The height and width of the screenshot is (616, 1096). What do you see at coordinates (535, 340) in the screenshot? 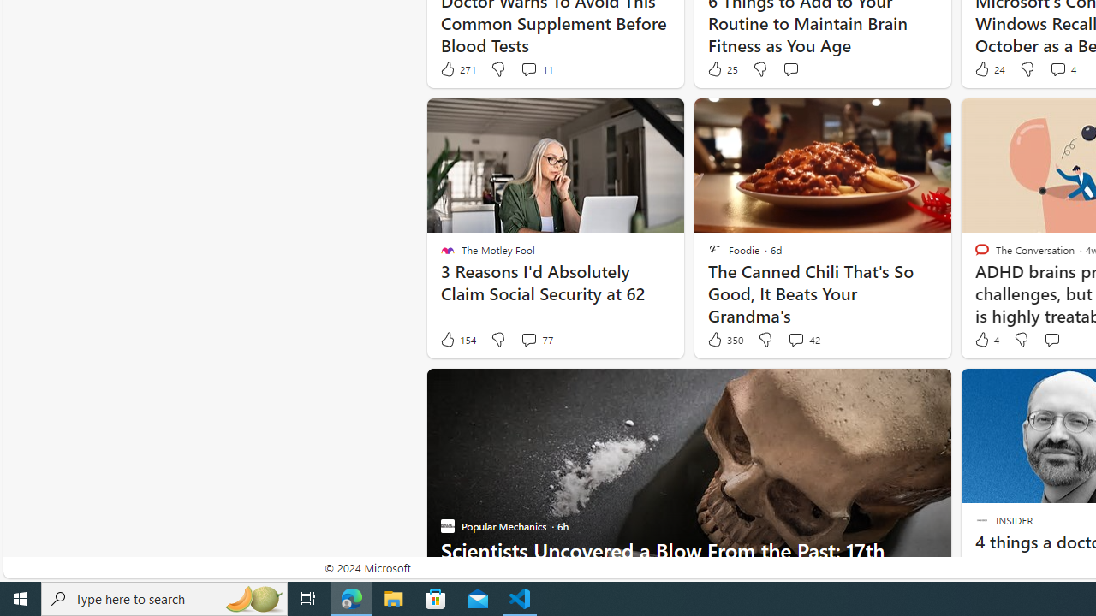
I see `'View comments 77 Comment'` at bounding box center [535, 340].